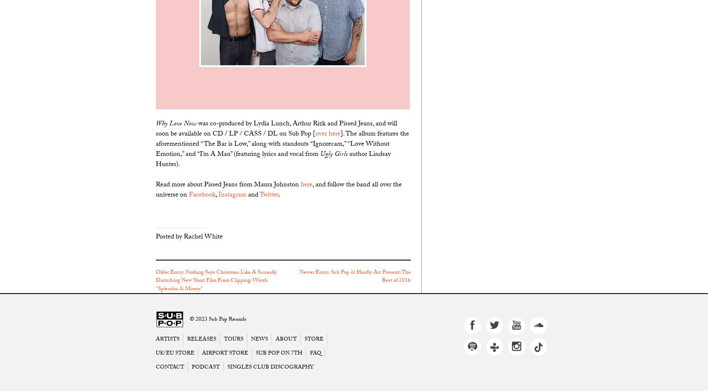 The height and width of the screenshot is (391, 708). Describe the element at coordinates (273, 159) in the screenshot. I see `'author Lindsay Hunter).'` at that location.